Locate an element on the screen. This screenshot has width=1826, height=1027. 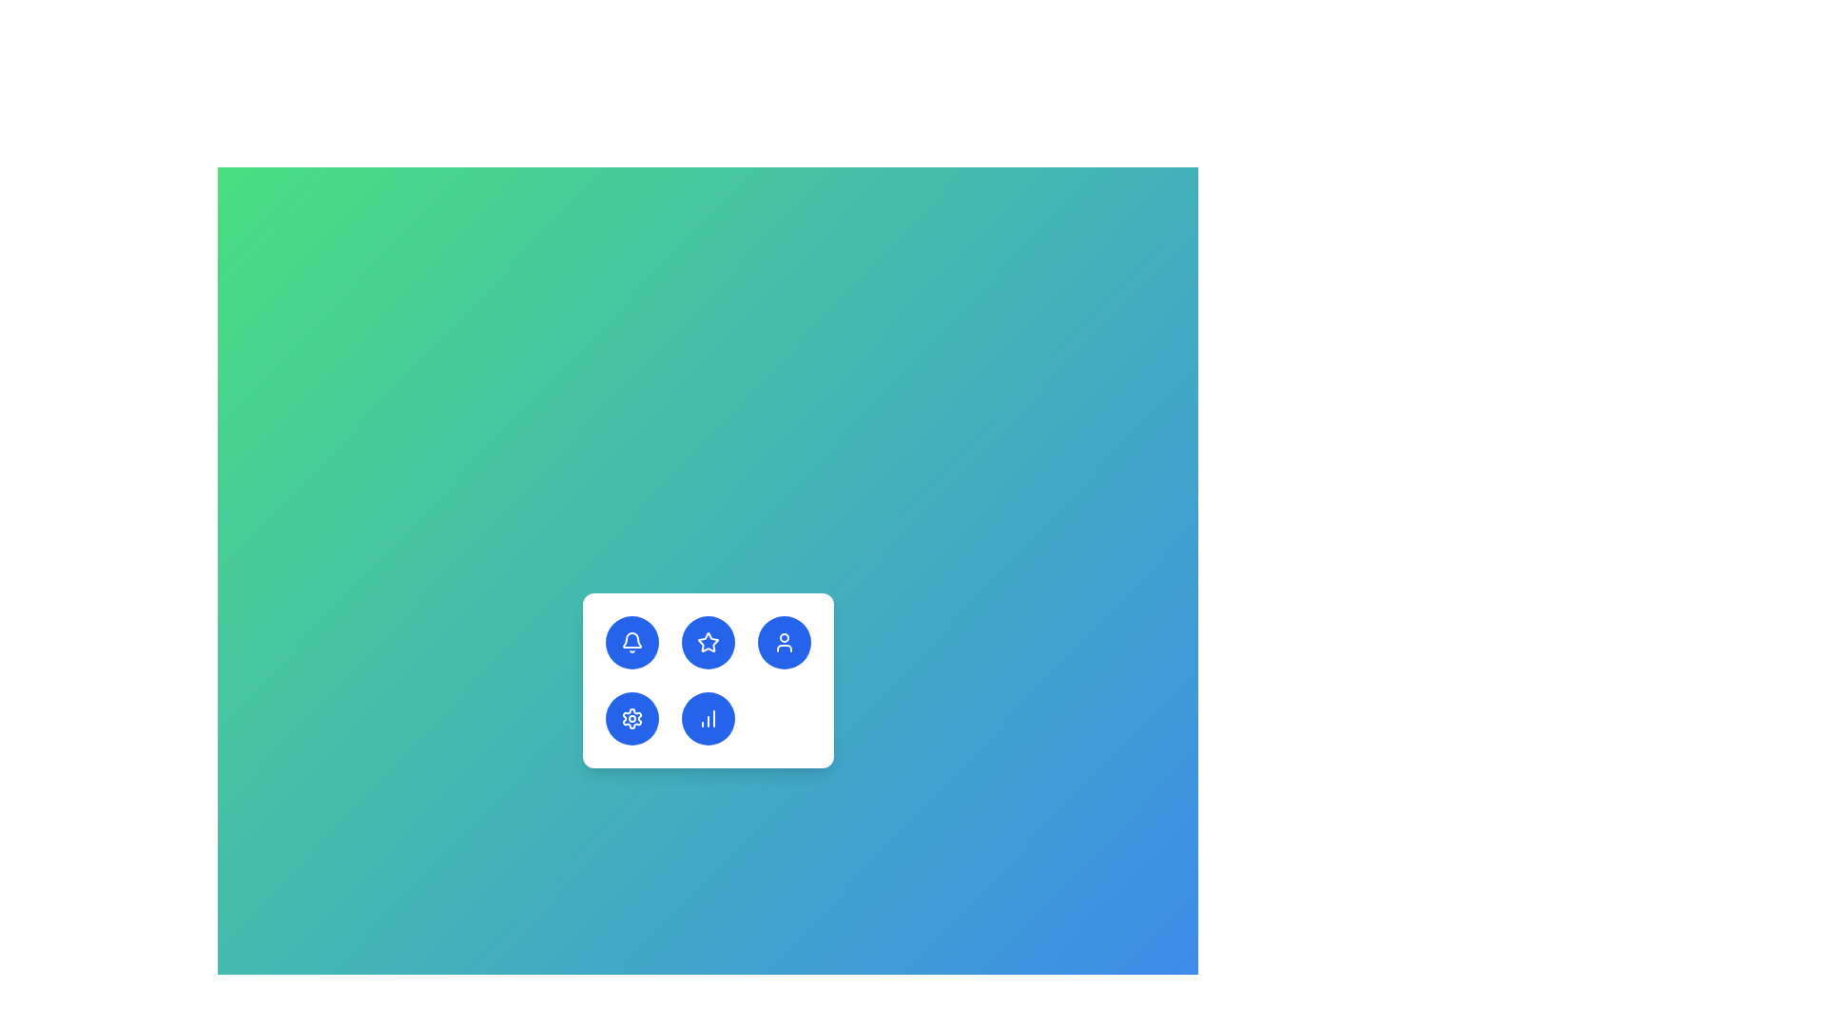
the bell icon located in the top-left corner of the 2x3 grid inside the white card is located at coordinates (631, 642).